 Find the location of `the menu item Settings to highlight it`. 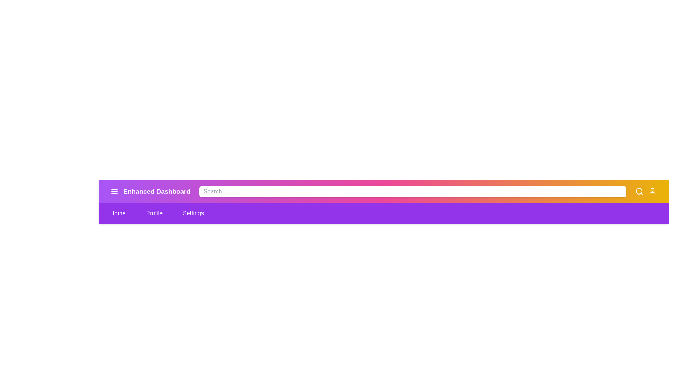

the menu item Settings to highlight it is located at coordinates (193, 213).